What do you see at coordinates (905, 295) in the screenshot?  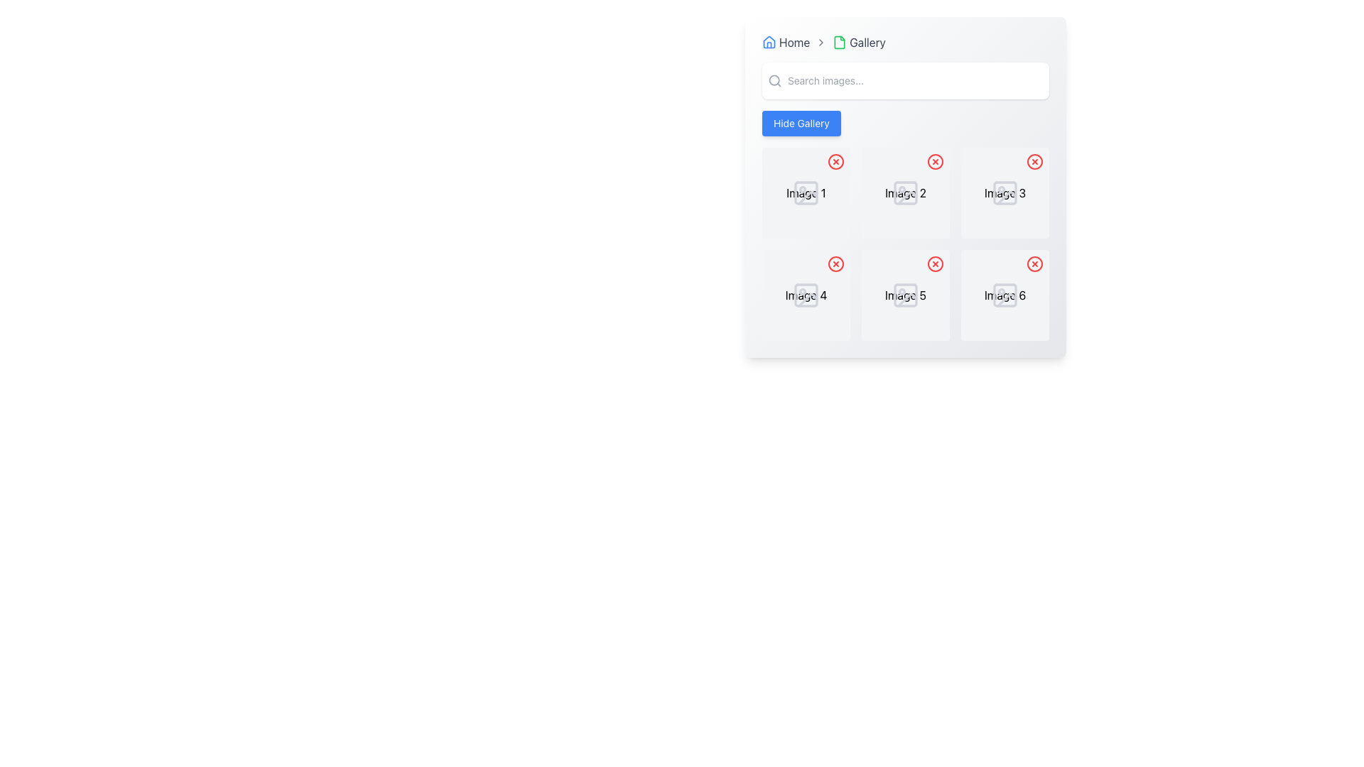 I see `the decorative graphic element representing part of an icon in the fifth slot of the image gallery grid located in the second row, first column` at bounding box center [905, 295].